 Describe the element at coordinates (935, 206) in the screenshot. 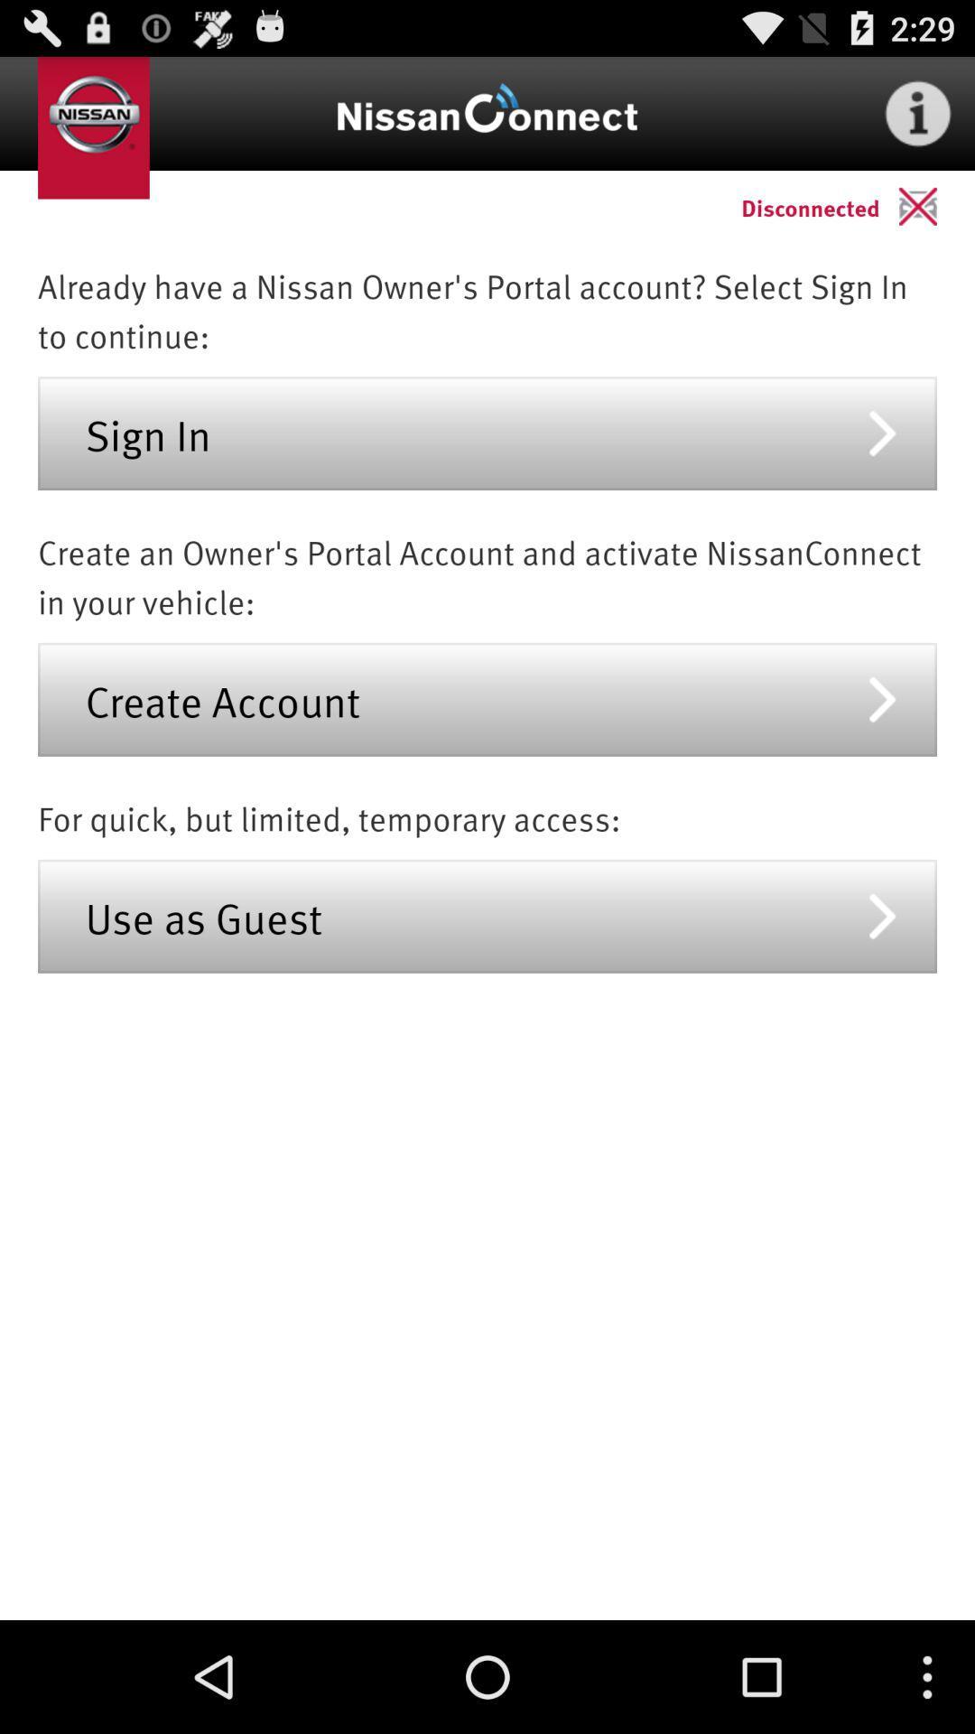

I see `the icon to the right of disconnected` at that location.